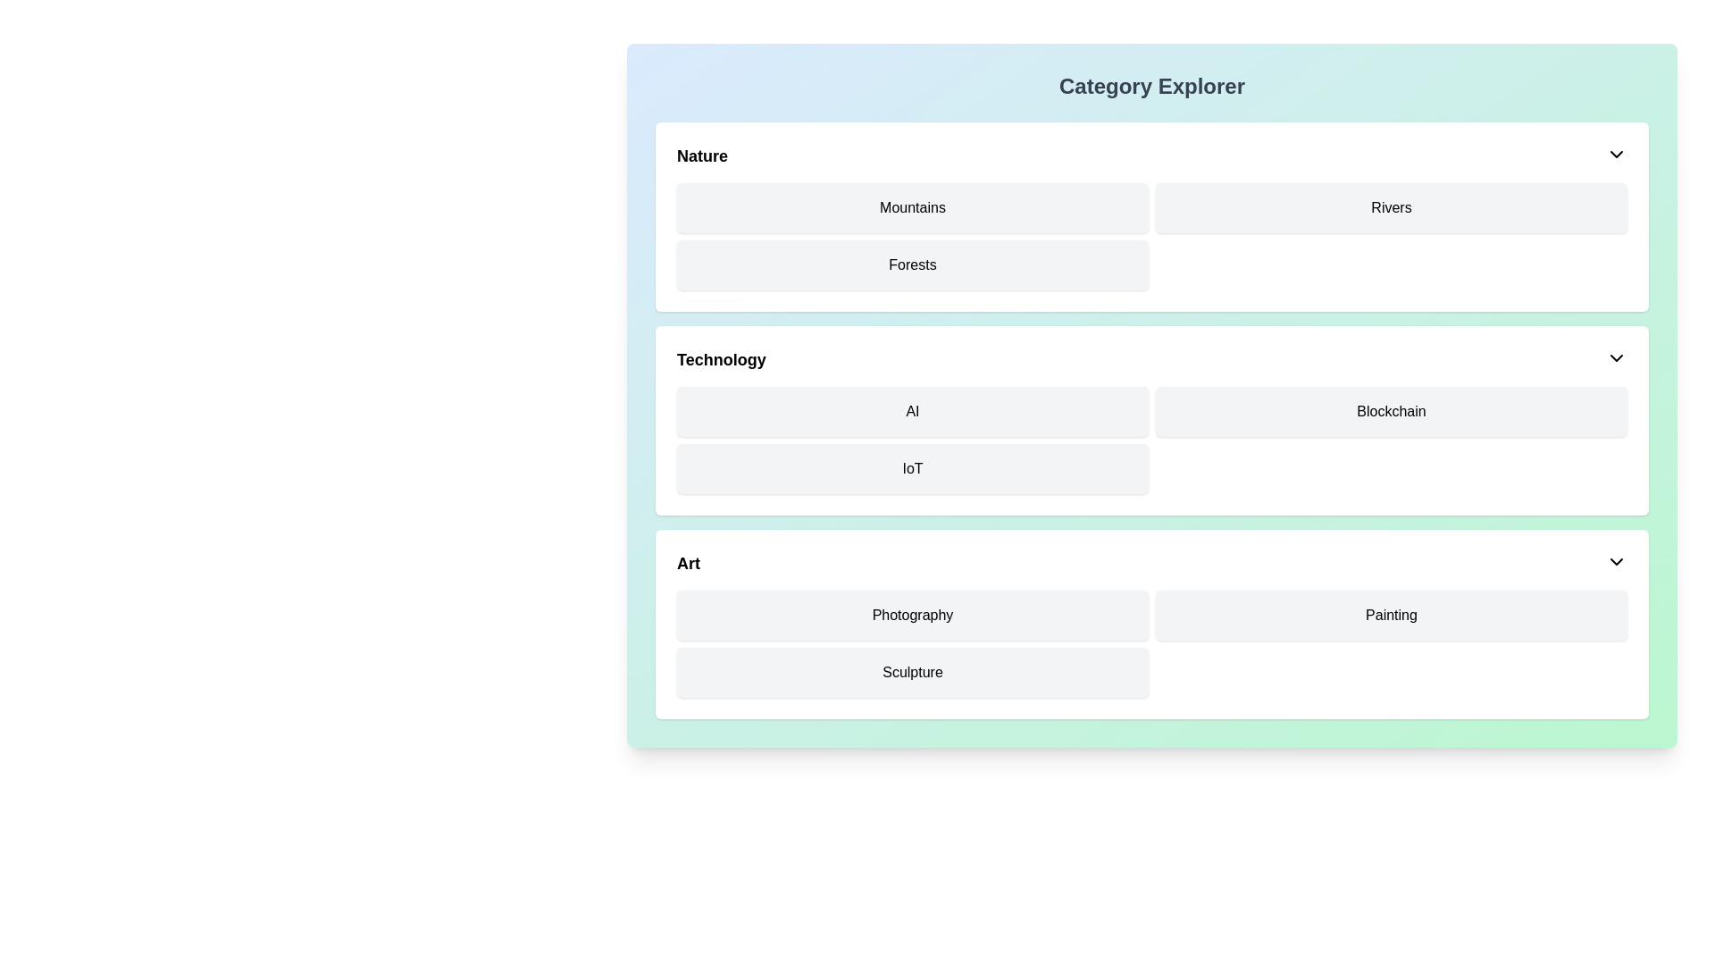 The width and height of the screenshot is (1715, 965). What do you see at coordinates (1152, 86) in the screenshot?
I see `the bold heading 'Category Explorer' displayed at the top of the interface with a gradient background` at bounding box center [1152, 86].